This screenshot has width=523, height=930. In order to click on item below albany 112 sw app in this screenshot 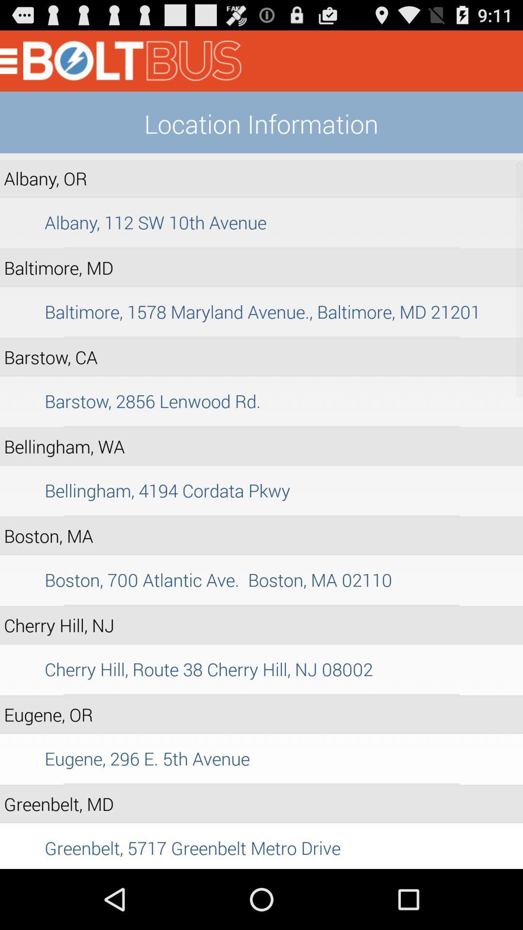, I will do `click(261, 248)`.